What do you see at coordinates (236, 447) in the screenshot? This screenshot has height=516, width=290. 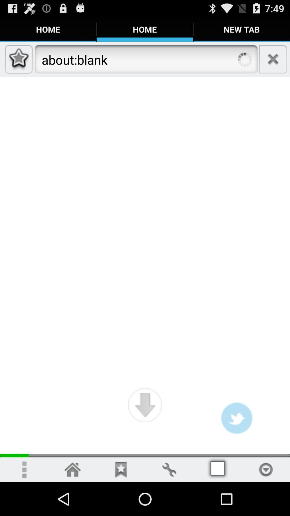 I see `the twitter icon` at bounding box center [236, 447].